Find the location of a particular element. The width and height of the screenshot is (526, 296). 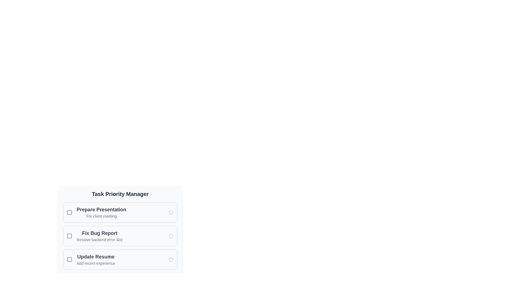

the checkbox for the task 'Prepare Presentation' is located at coordinates (69, 212).